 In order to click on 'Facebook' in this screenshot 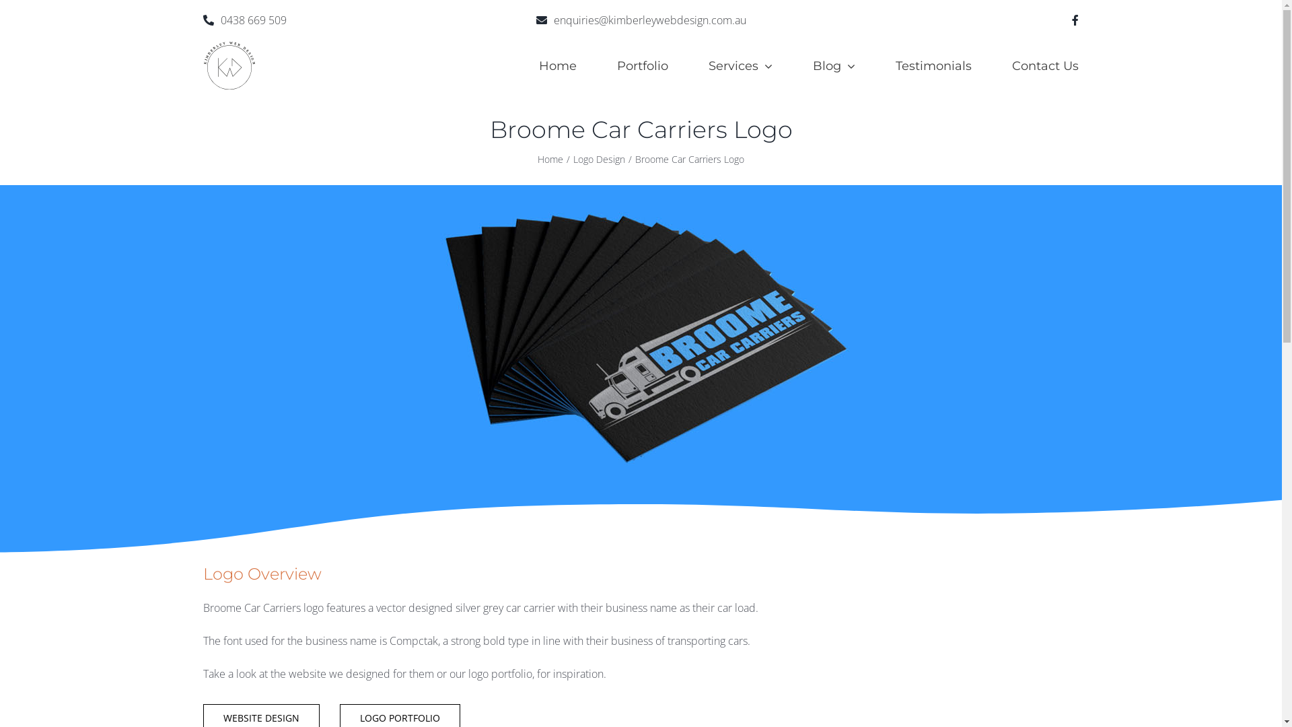, I will do `click(1075, 20)`.